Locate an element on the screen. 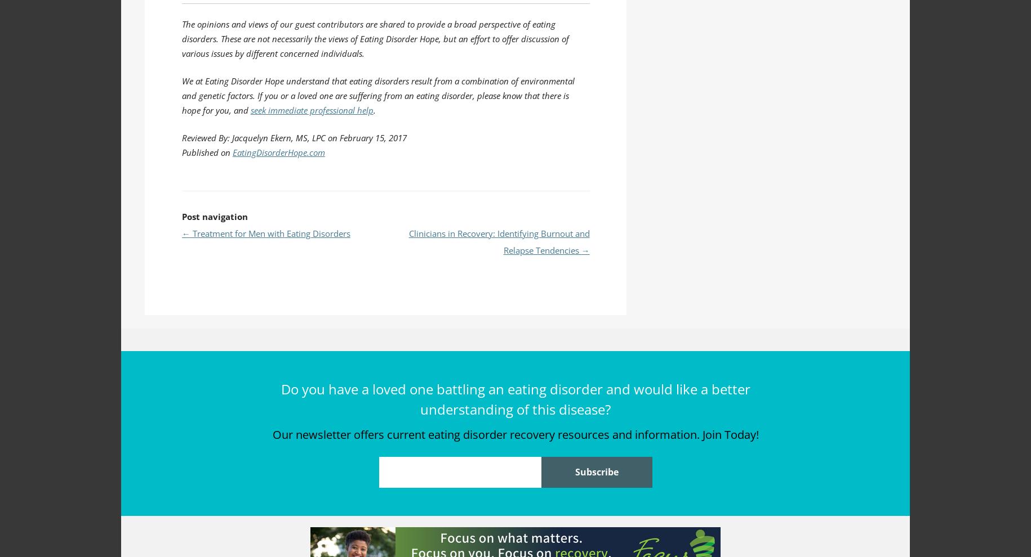  'Our newsletter offers current eating disorder recovery resources and information. Join Today!' is located at coordinates (515, 434).